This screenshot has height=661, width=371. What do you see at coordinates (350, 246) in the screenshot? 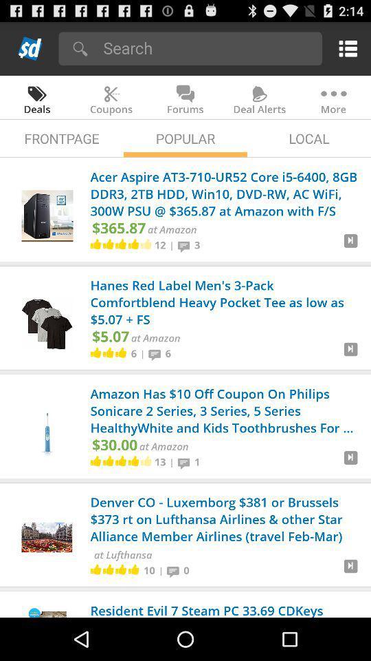
I see `movie` at bounding box center [350, 246].